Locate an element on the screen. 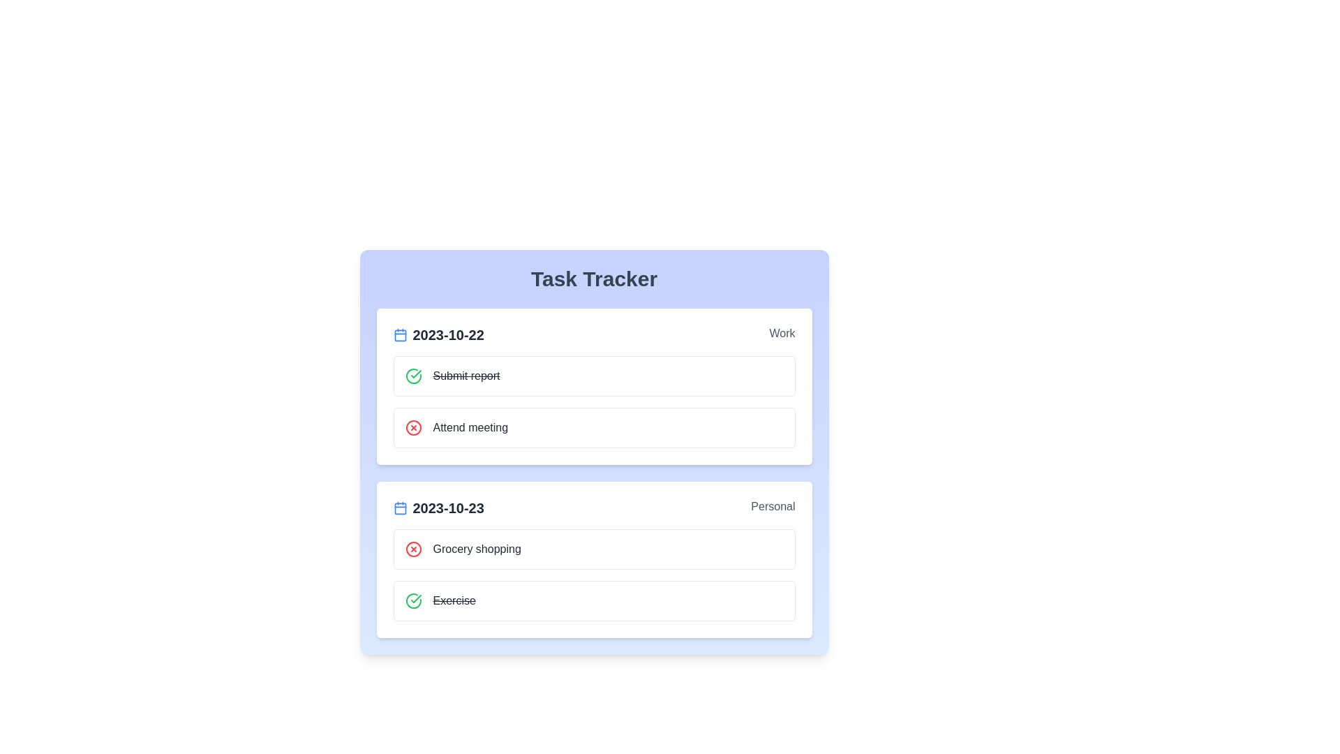  the icon corresponding to Grocery shopping to display its tooltip is located at coordinates (412, 548).